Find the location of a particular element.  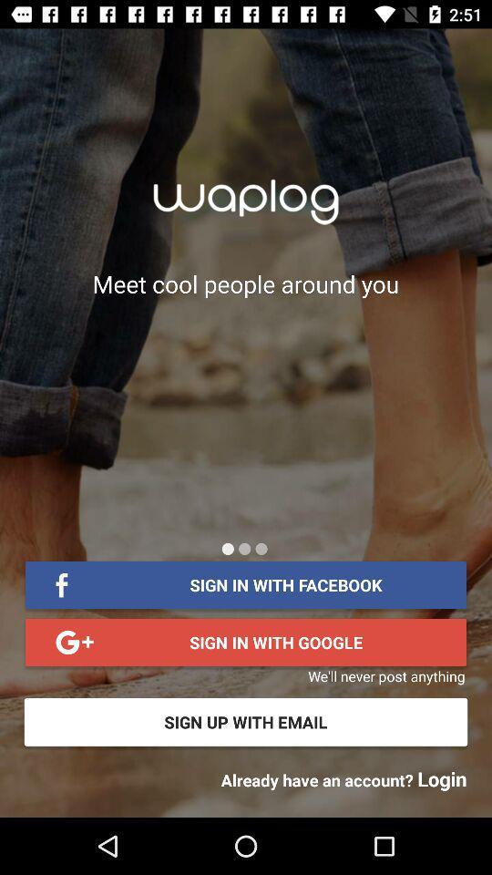

already have an item is located at coordinates (343, 777).